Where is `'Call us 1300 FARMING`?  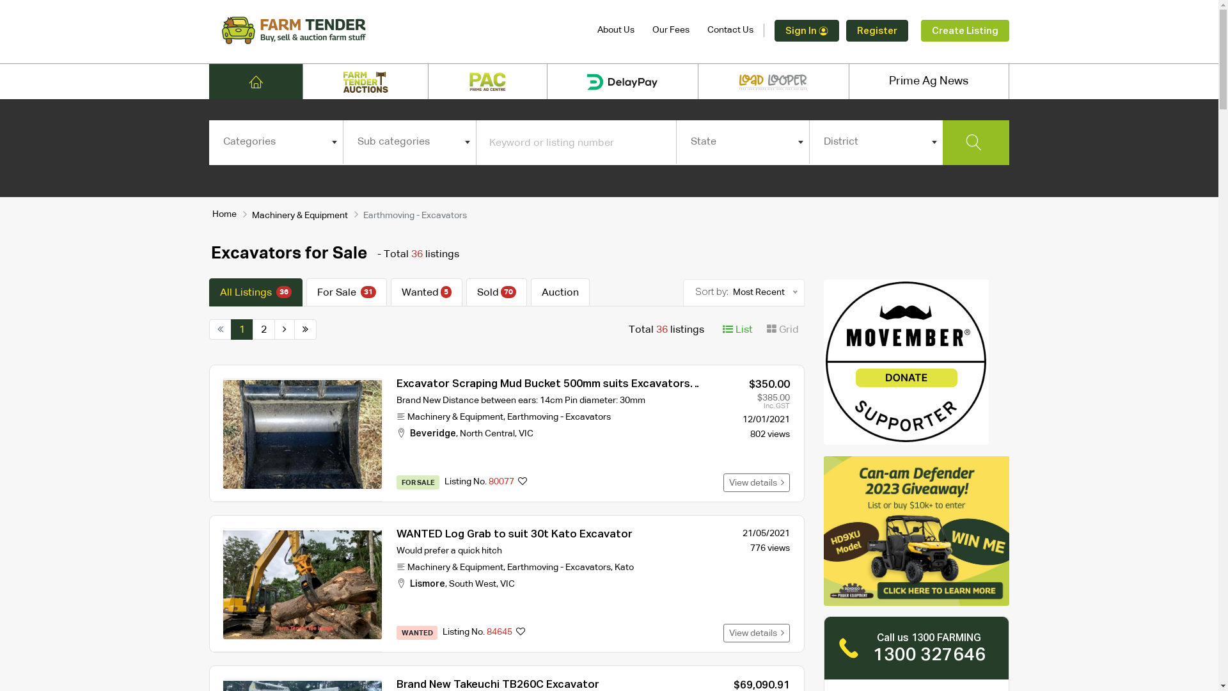 'Call us 1300 FARMING is located at coordinates (916, 648).